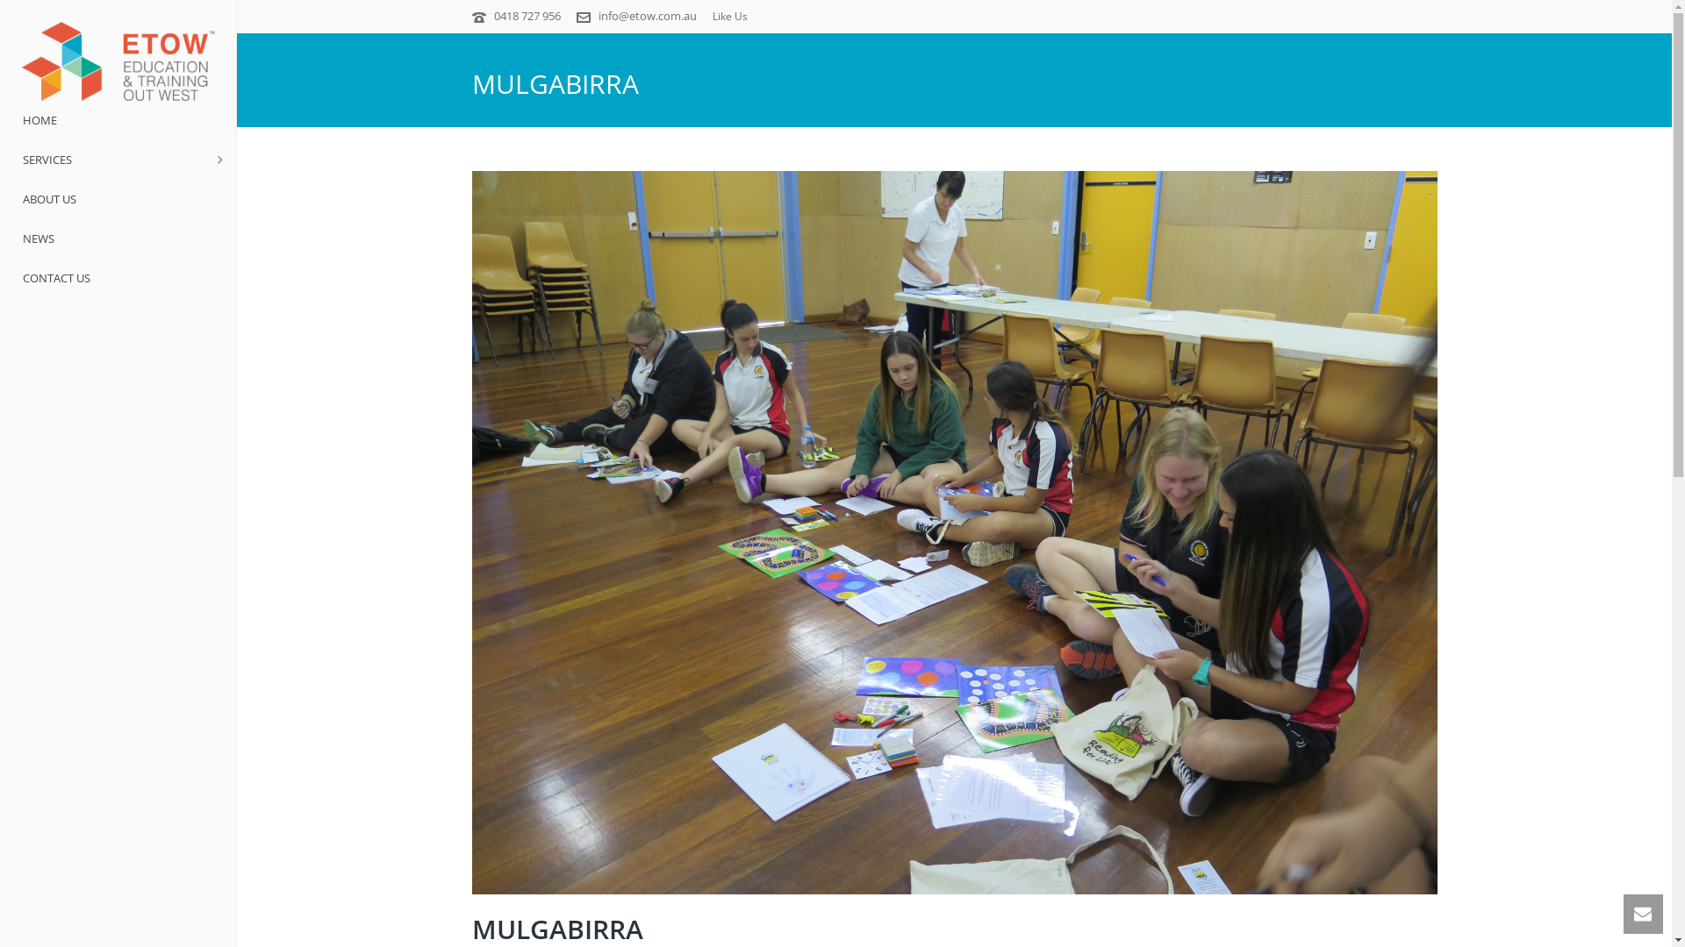 The image size is (1685, 947). What do you see at coordinates (117, 277) in the screenshot?
I see `'CONTACT US'` at bounding box center [117, 277].